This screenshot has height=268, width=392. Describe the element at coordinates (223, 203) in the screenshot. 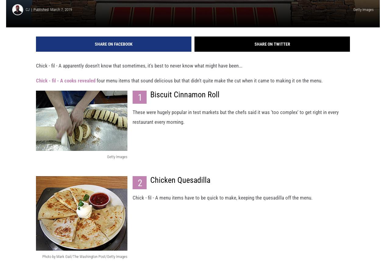

I see `'Chick - fil - A menu items have to be quick to make, keeping the quesadilla off the menu.'` at that location.